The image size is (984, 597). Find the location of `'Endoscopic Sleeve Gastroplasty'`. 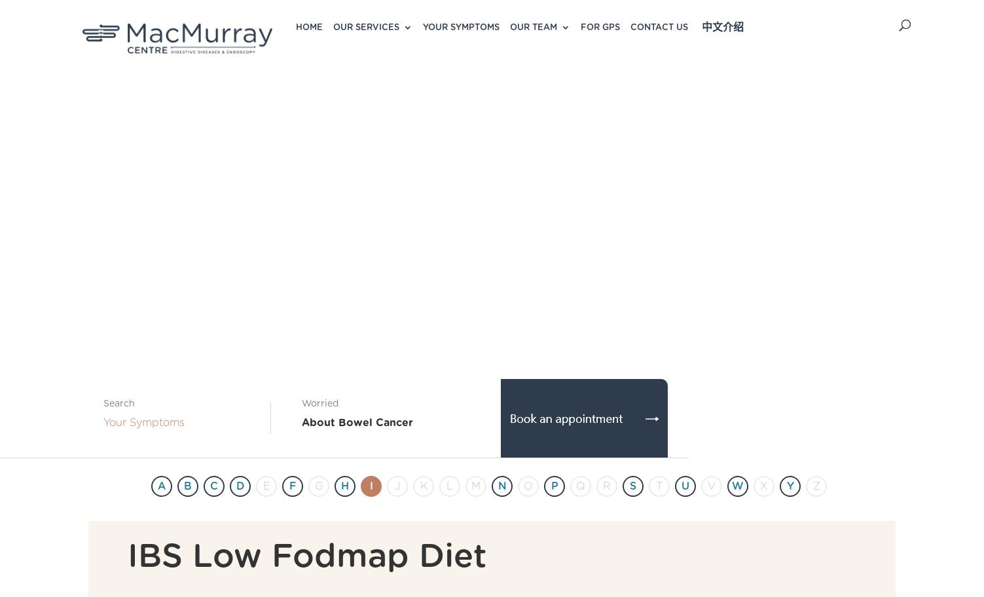

'Endoscopic Sleeve Gastroplasty' is located at coordinates (502, 338).